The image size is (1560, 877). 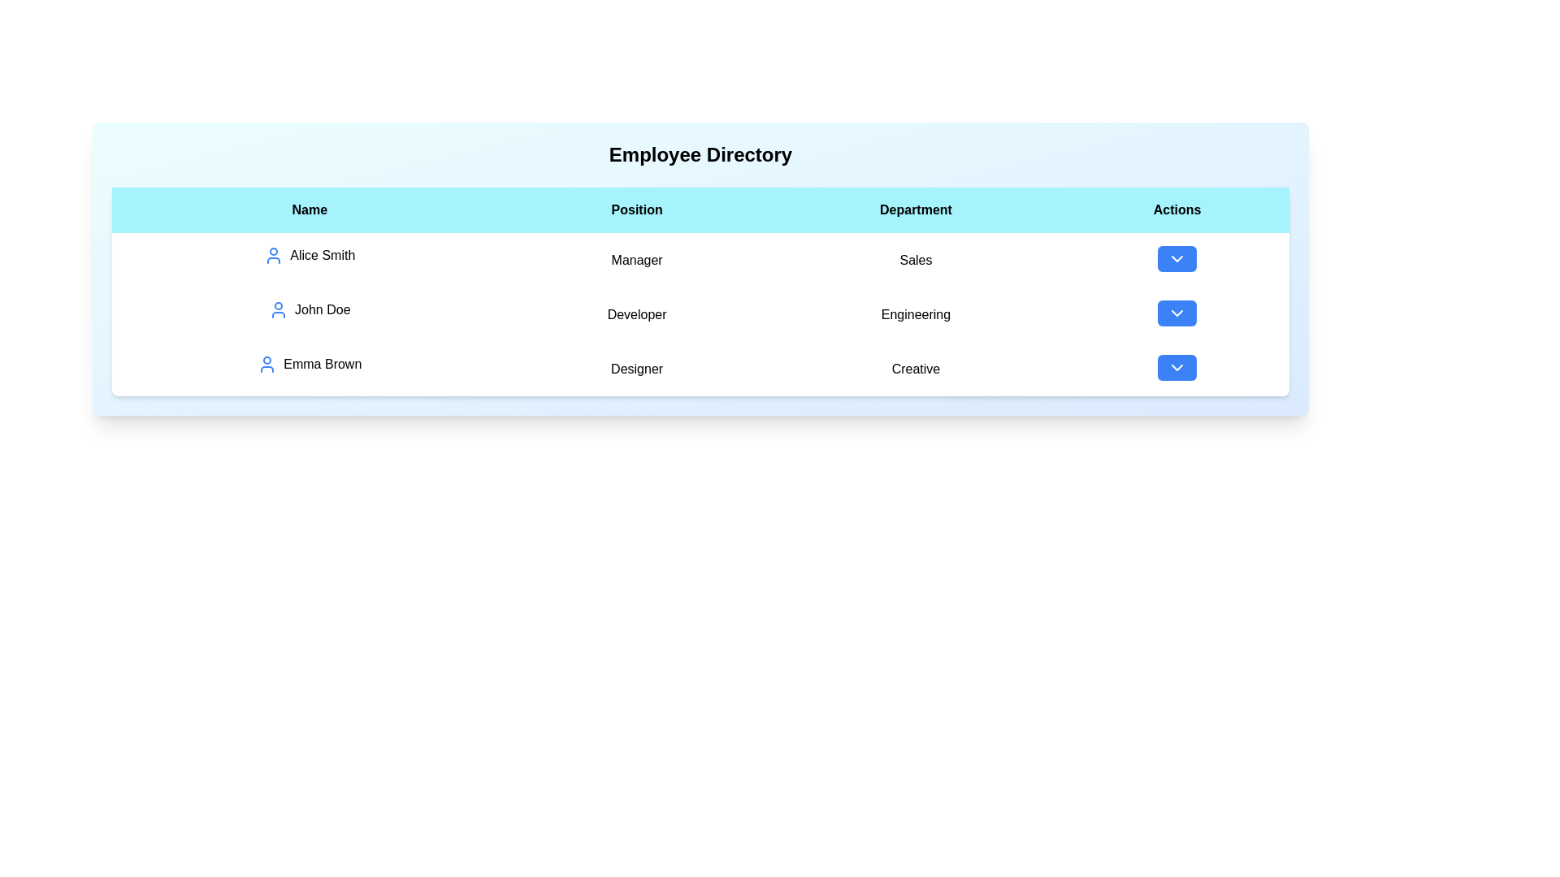 What do you see at coordinates (916, 209) in the screenshot?
I see `the static text label that serves as the header title for the 'Department' column, positioned between 'Position' and 'Actions'` at bounding box center [916, 209].